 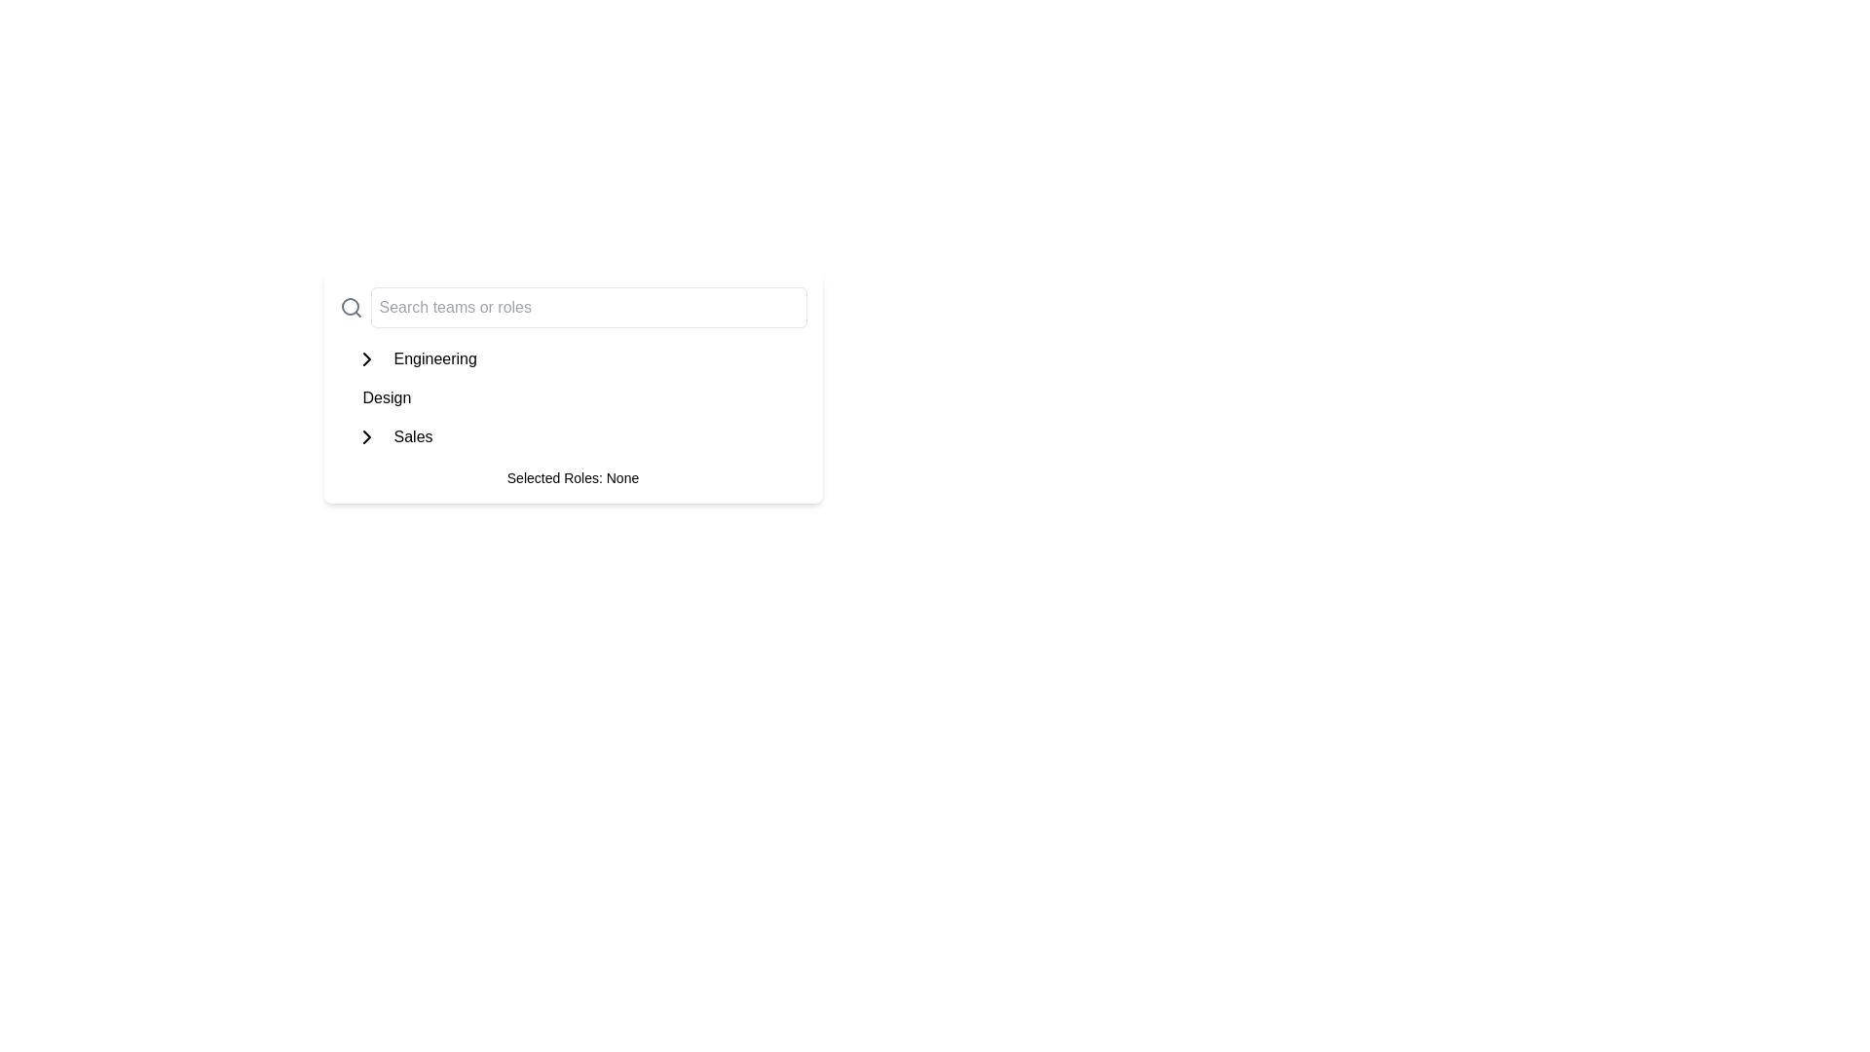 What do you see at coordinates (595, 435) in the screenshot?
I see `the 'Sales' button which is the third item in a grouped layout of buttons including 'Engineering' and 'Design'` at bounding box center [595, 435].